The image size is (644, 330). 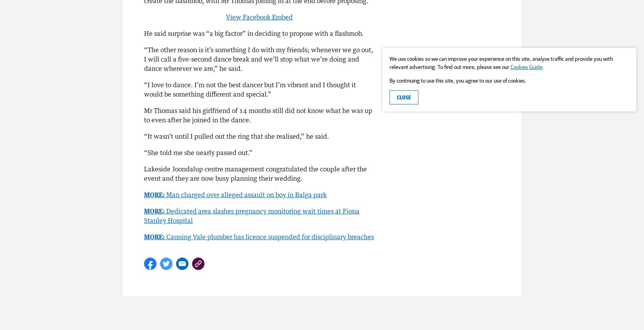 I want to click on '“The other reason is it’s something I do with my friends; whenever we go out, I will call a five-second dance break and we’ll stop what we’re doing and dance wherever we are,” he said.', so click(x=144, y=58).